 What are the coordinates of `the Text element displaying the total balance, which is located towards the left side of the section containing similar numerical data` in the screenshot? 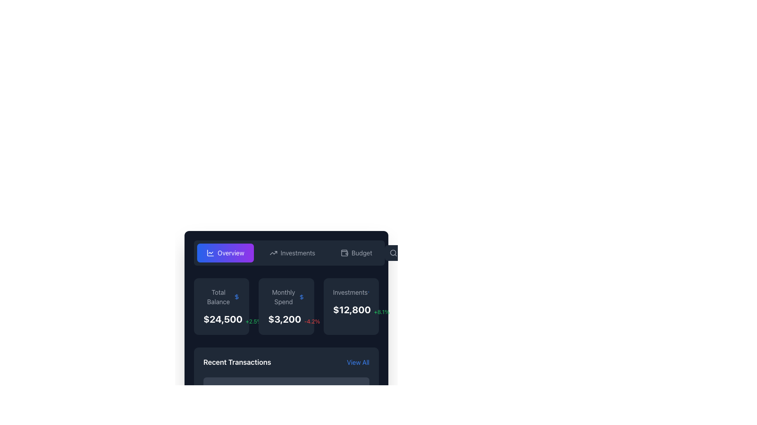 It's located at (222, 319).